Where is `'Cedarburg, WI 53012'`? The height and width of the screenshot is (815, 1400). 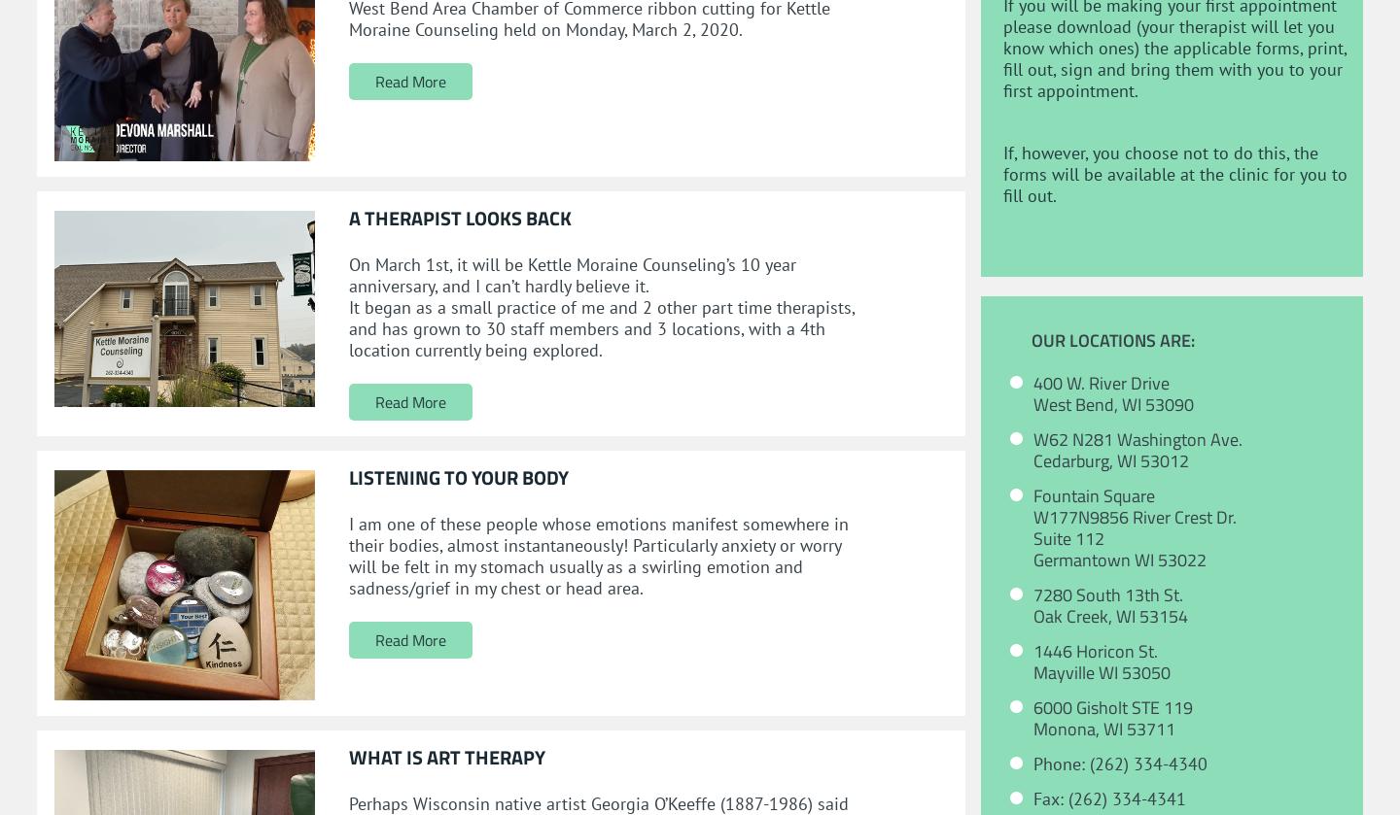 'Cedarburg, WI 53012' is located at coordinates (1110, 459).